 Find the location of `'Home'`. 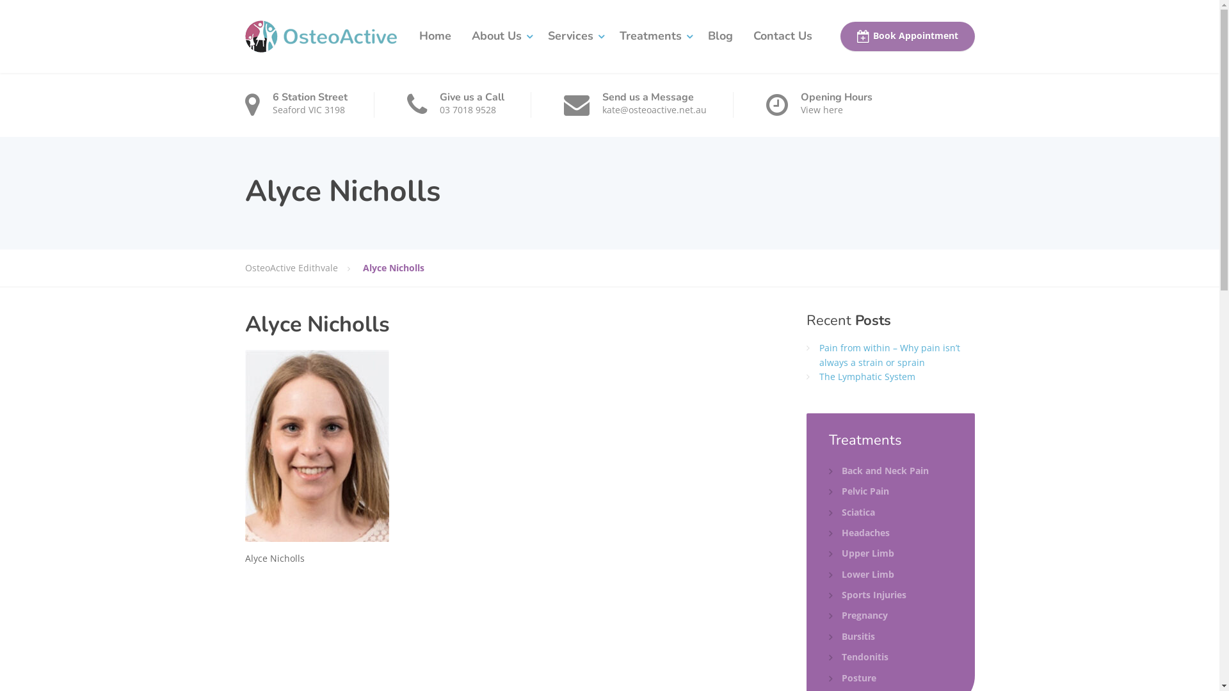

'Home' is located at coordinates (434, 36).